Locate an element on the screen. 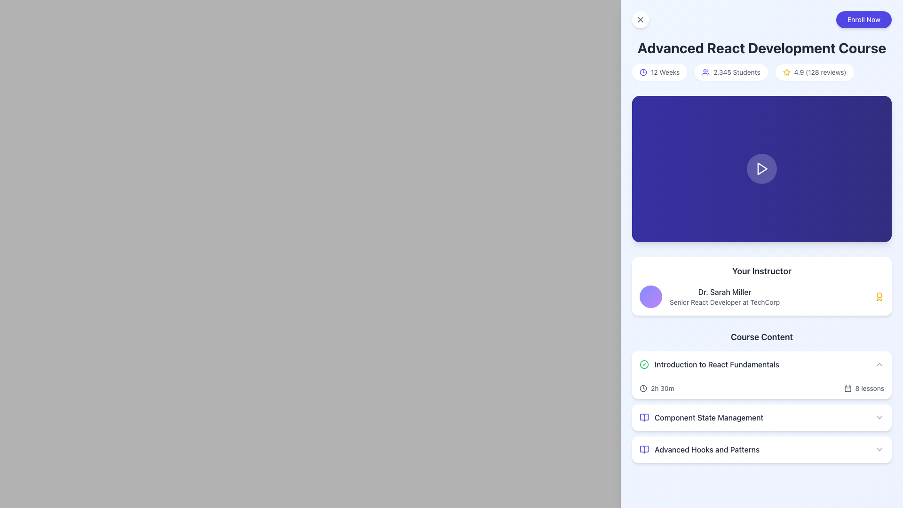 This screenshot has height=508, width=903. the Informational Banner titled 'Your Instructor', which includes the name 'Dr. Sarah Miller' and designation 'Senior React Developer at TechCorp' is located at coordinates (762, 286).